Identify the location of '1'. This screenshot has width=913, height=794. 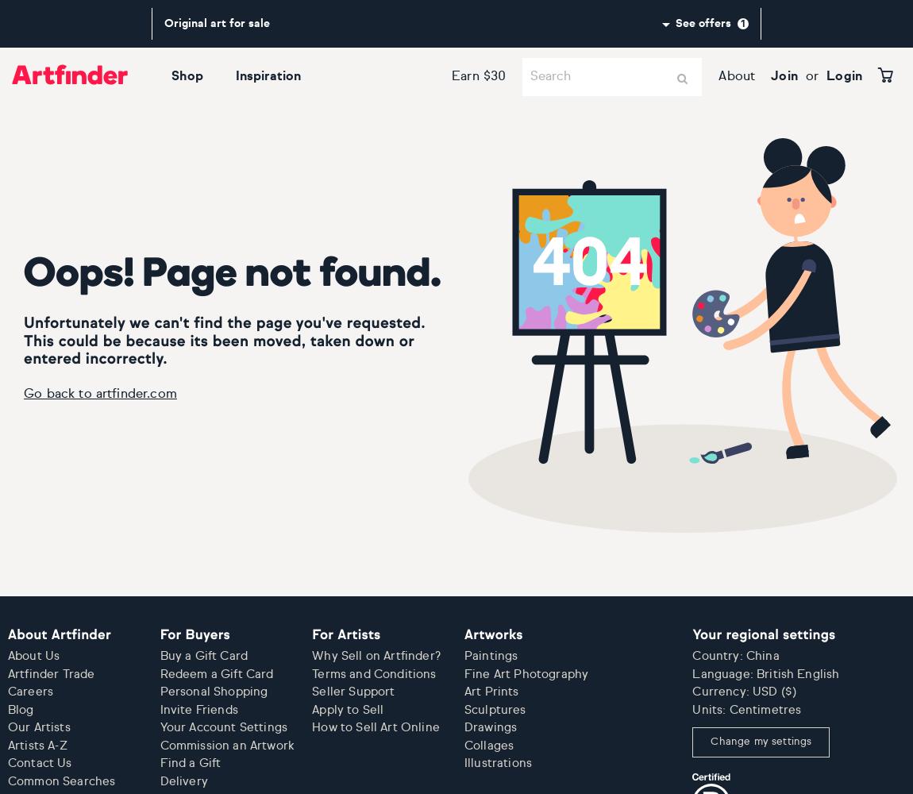
(740, 24).